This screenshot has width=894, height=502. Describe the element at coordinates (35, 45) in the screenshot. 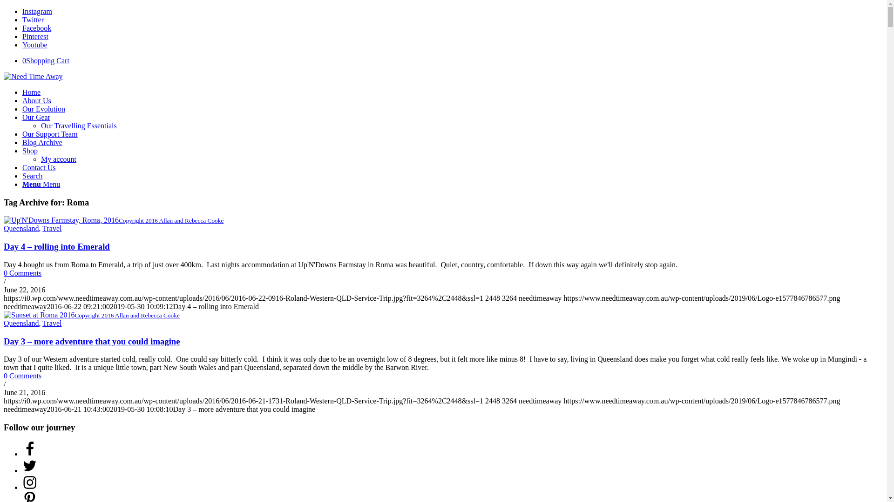

I see `'Youtube'` at that location.